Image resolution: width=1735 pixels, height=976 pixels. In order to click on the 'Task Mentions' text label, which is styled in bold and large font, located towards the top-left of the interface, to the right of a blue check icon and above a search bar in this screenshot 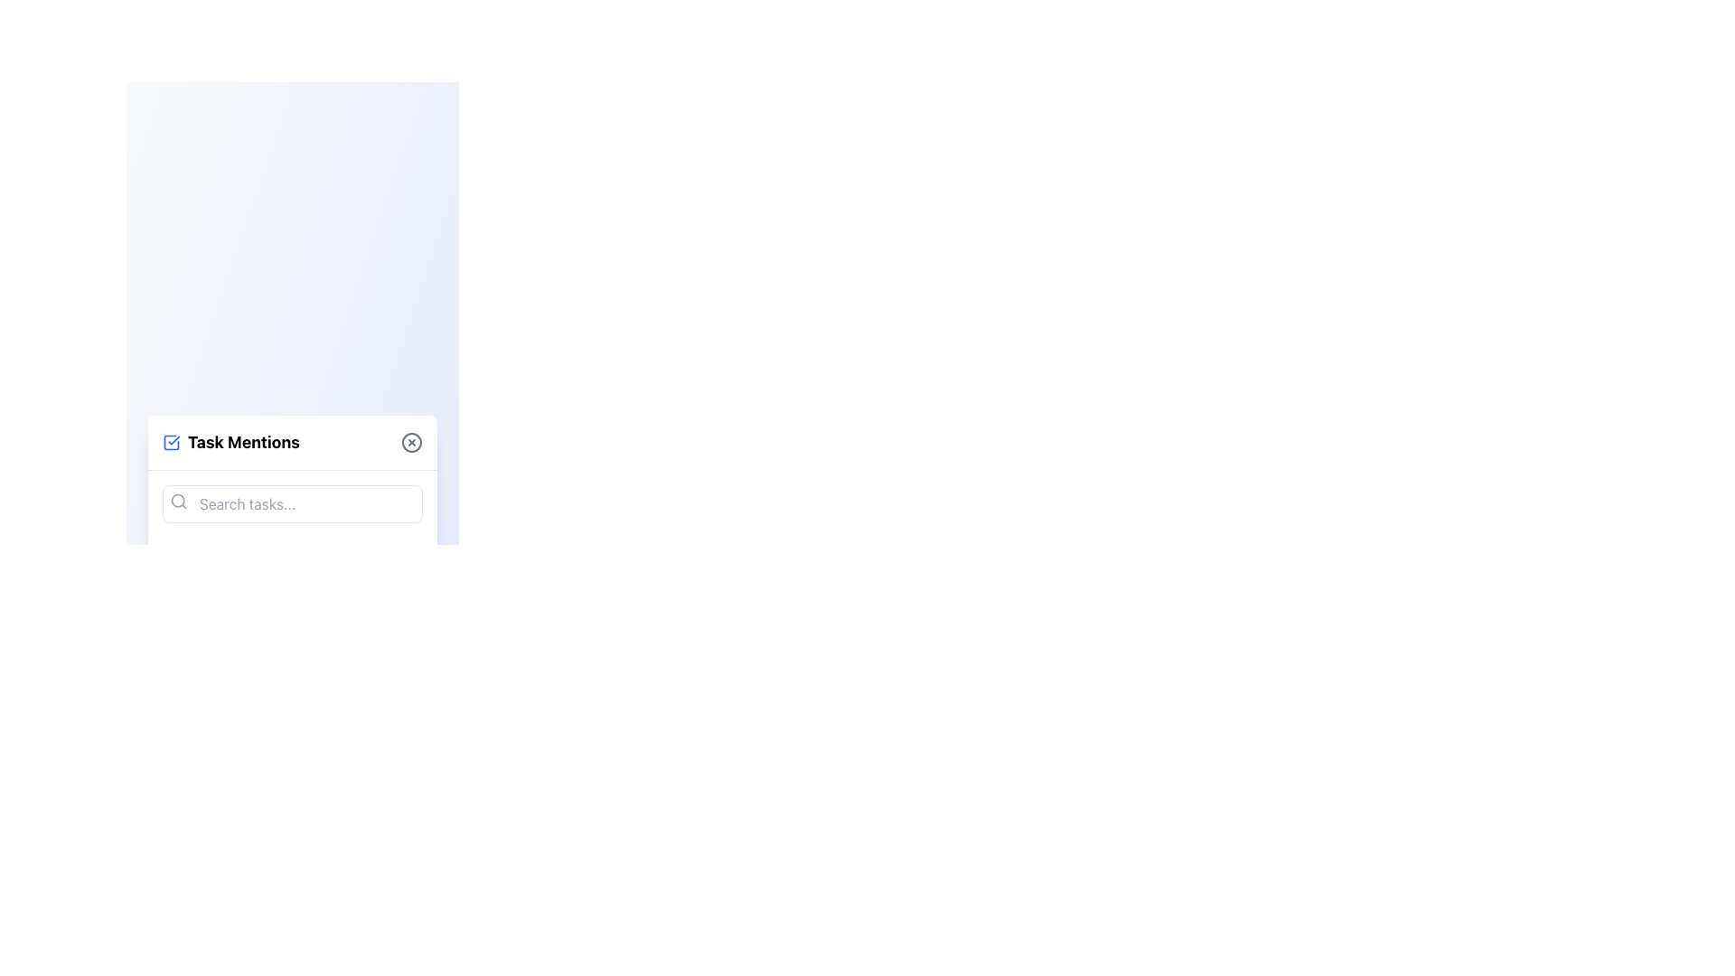, I will do `click(242, 442)`.